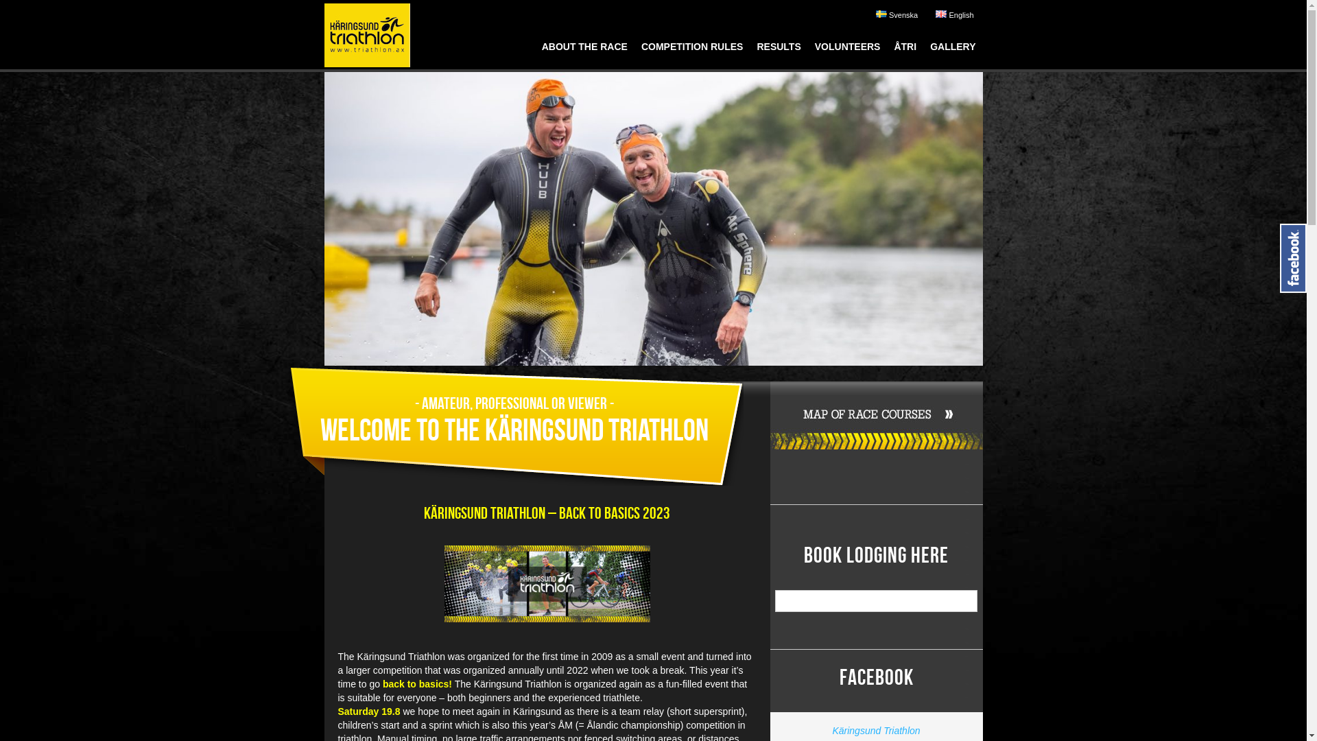 This screenshot has height=741, width=1317. What do you see at coordinates (534, 50) in the screenshot?
I see `'ABOUT THE RACE'` at bounding box center [534, 50].